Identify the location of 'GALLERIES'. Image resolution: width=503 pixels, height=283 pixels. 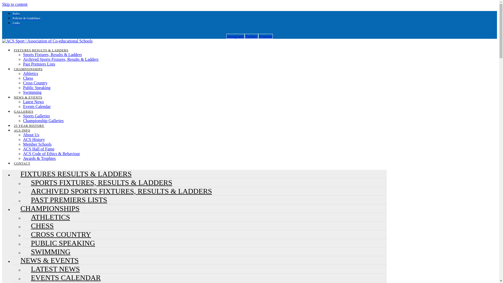
(23, 111).